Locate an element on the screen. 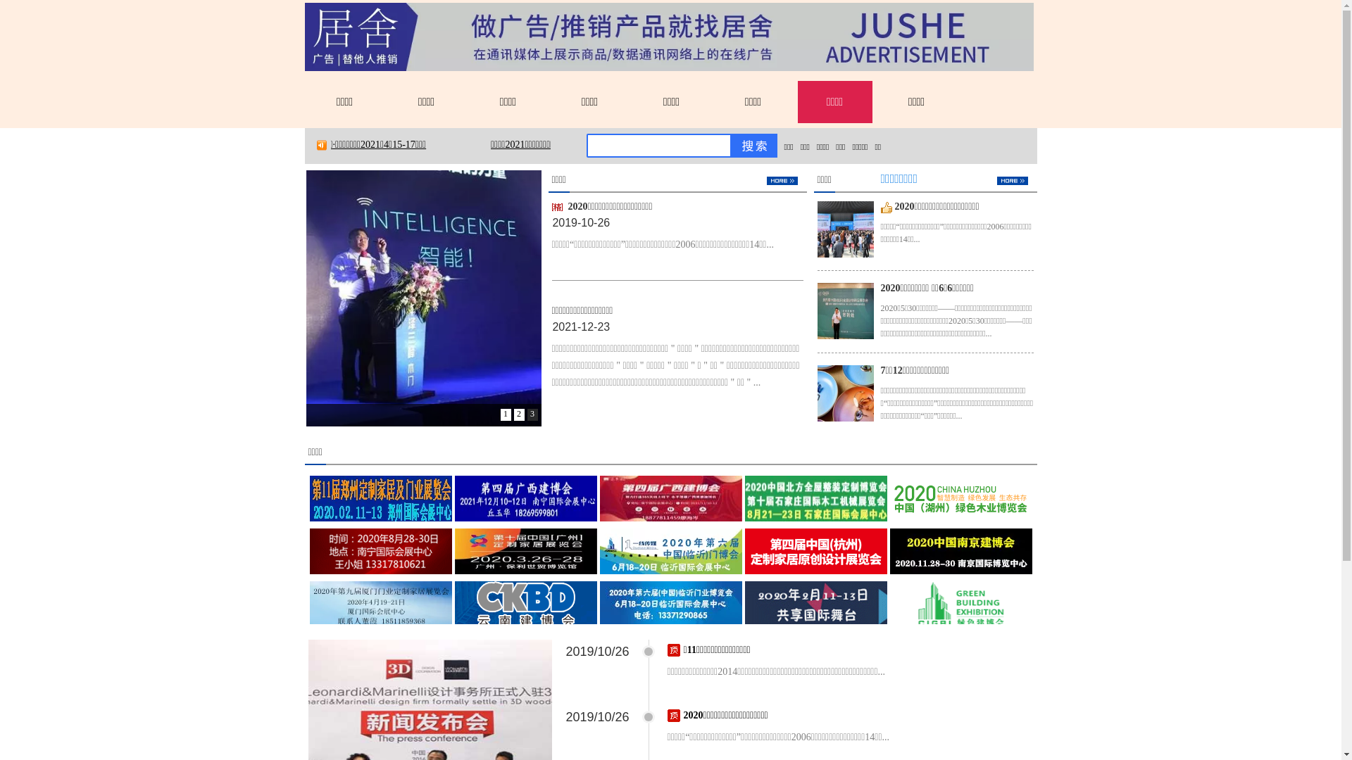 The image size is (1352, 760). '3' is located at coordinates (531, 414).